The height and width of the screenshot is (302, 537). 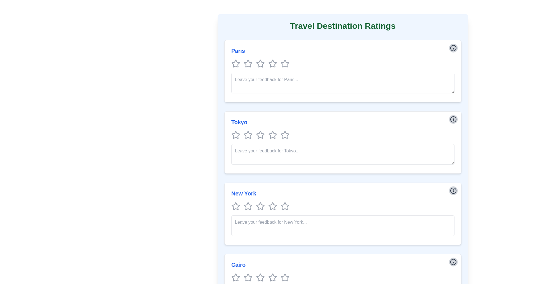 I want to click on the second star icon in the rating section for 'Paris', so click(x=248, y=63).